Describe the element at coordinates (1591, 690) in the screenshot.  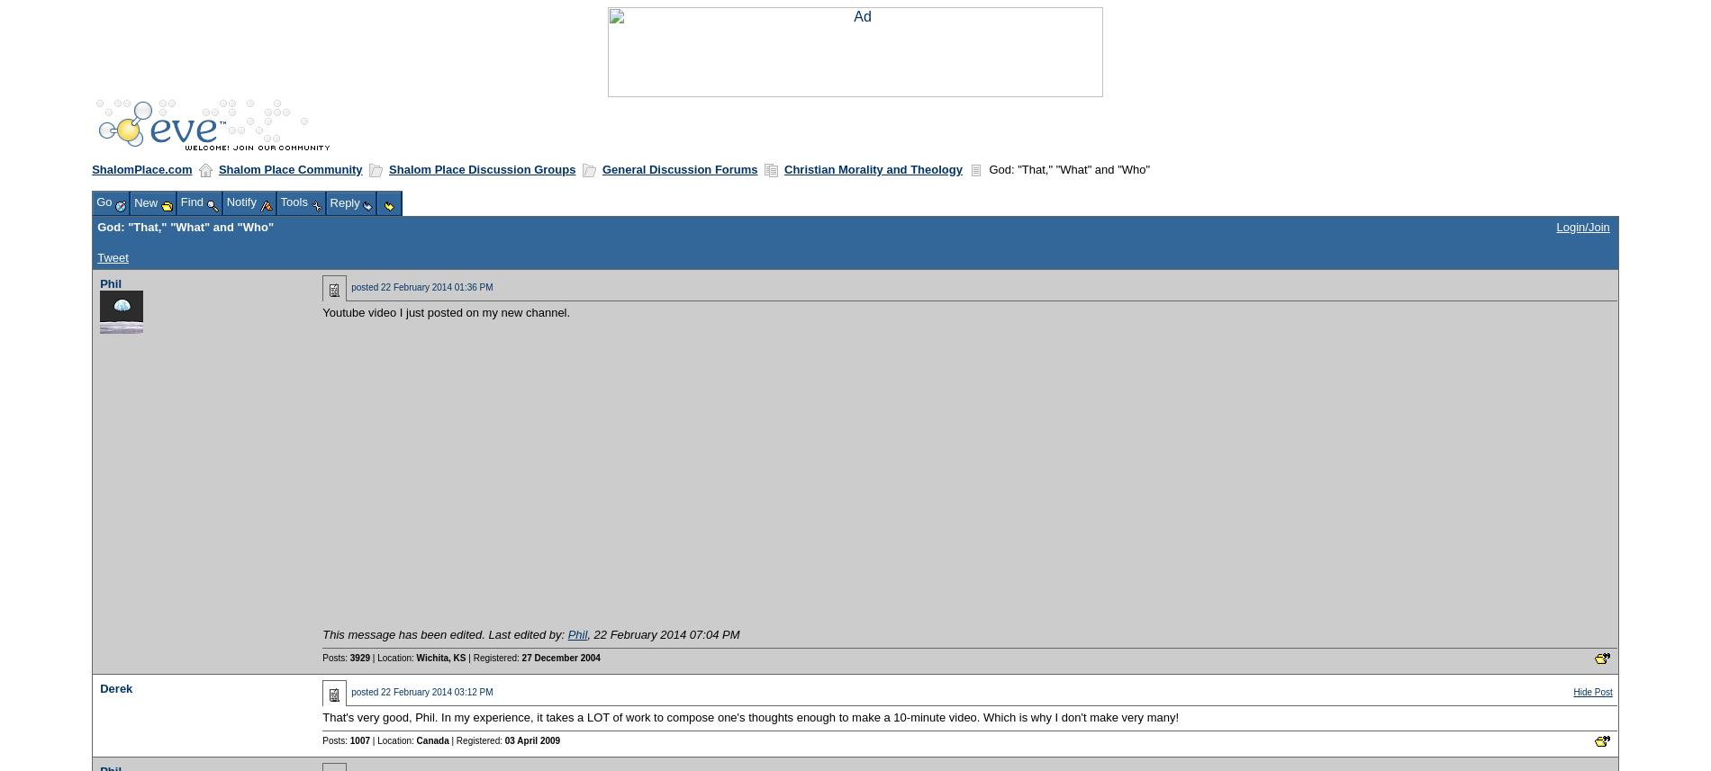
I see `'Hide Post'` at that location.